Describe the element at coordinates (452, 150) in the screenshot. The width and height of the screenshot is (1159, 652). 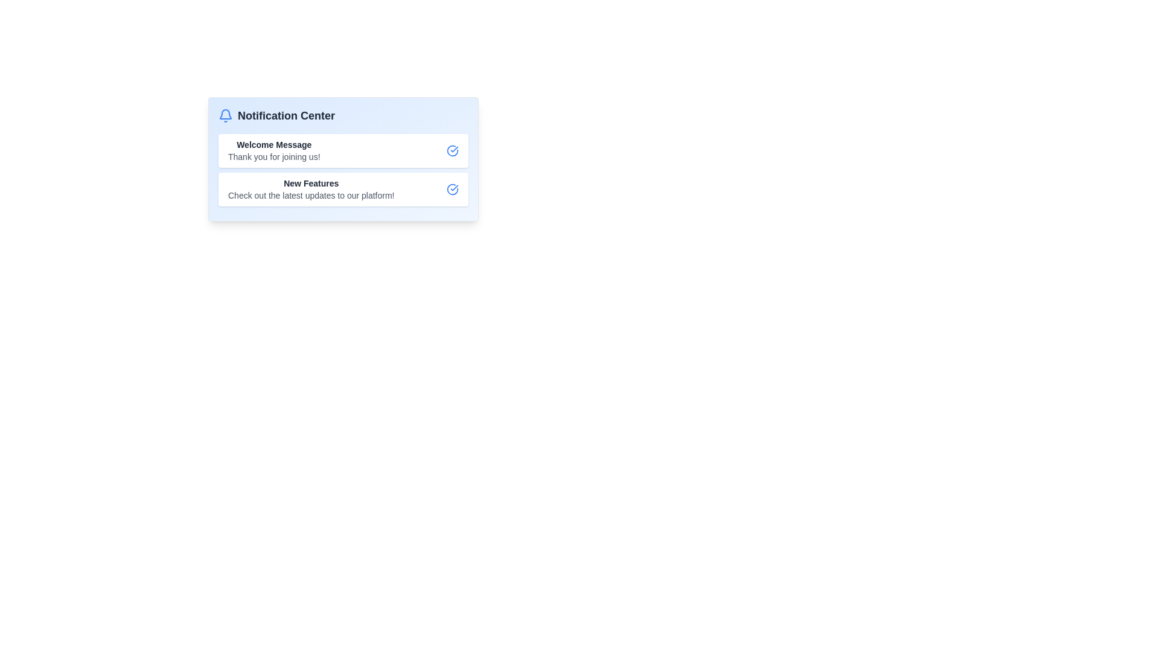
I see `the icon button located in the top-right corner of the 'Welcome Message' notification box` at that location.